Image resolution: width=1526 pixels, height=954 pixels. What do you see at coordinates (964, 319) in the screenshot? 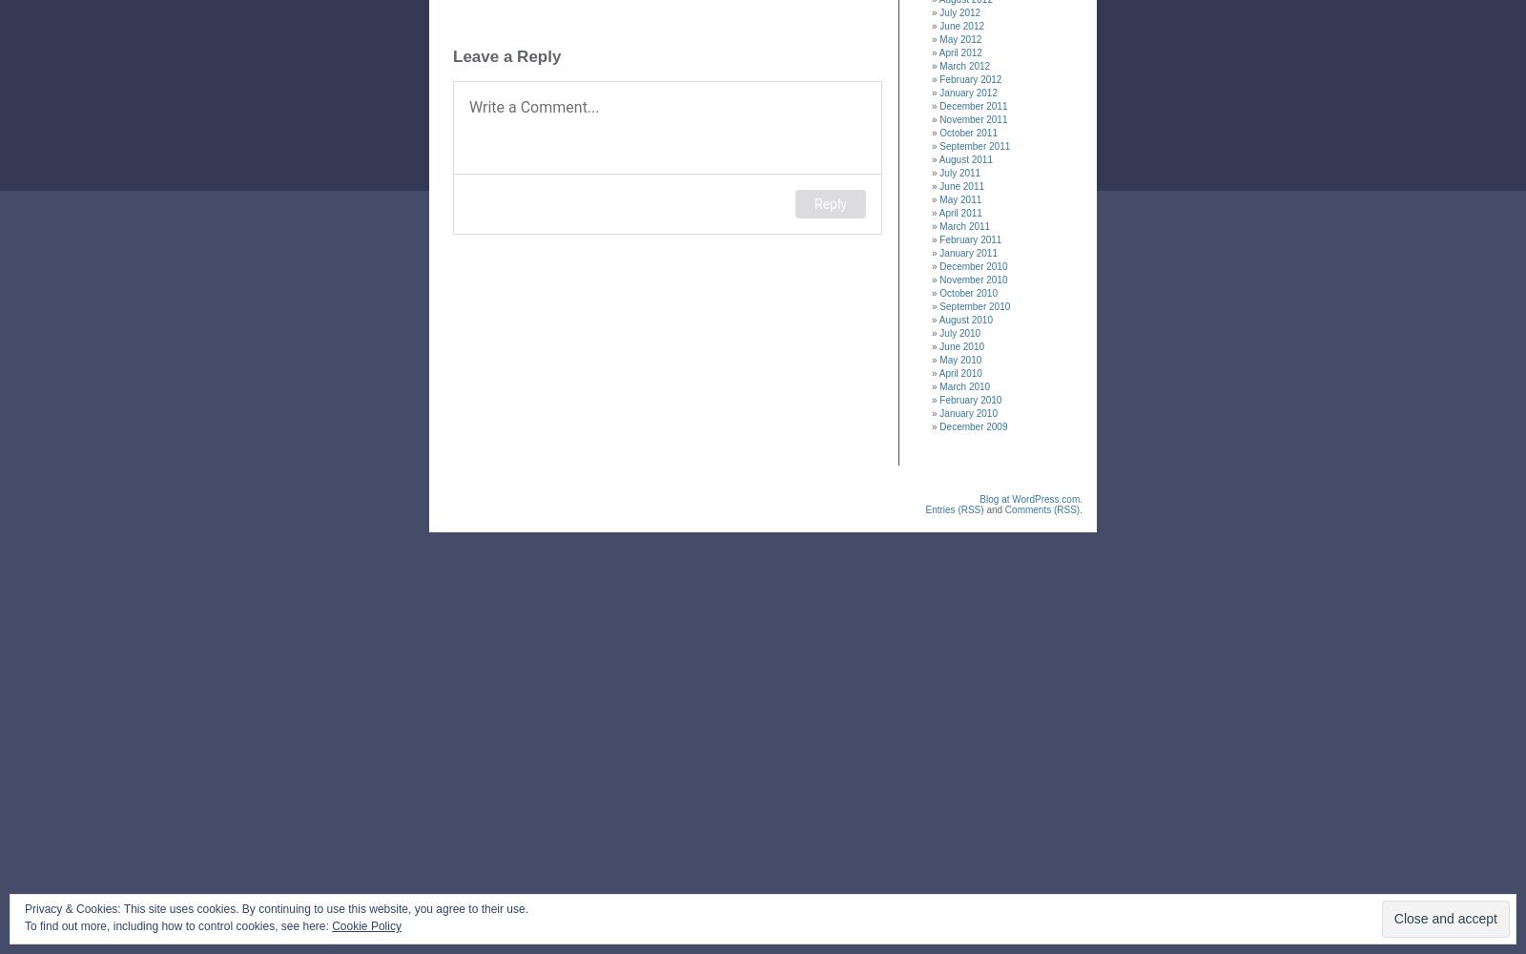
I see `'August 2010'` at bounding box center [964, 319].